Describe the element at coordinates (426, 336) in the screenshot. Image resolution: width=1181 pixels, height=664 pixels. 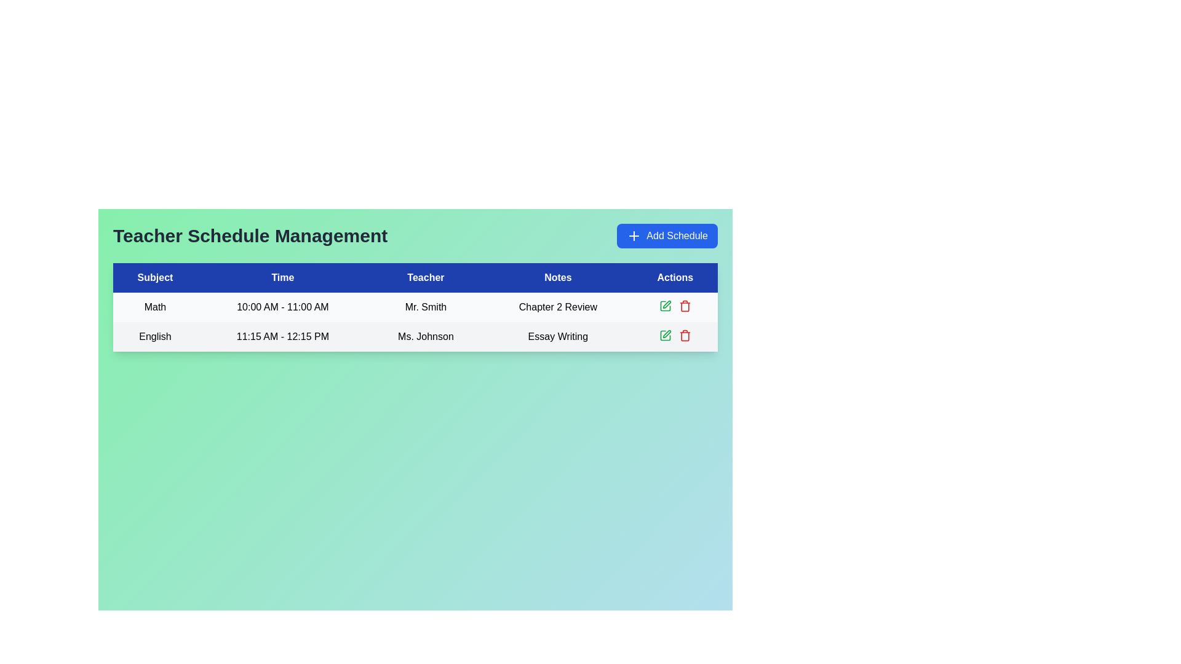
I see `text label that identifies the teacher associated with the time slot and subject in the schedule, located in the second row under the 'Teacher' column` at that location.